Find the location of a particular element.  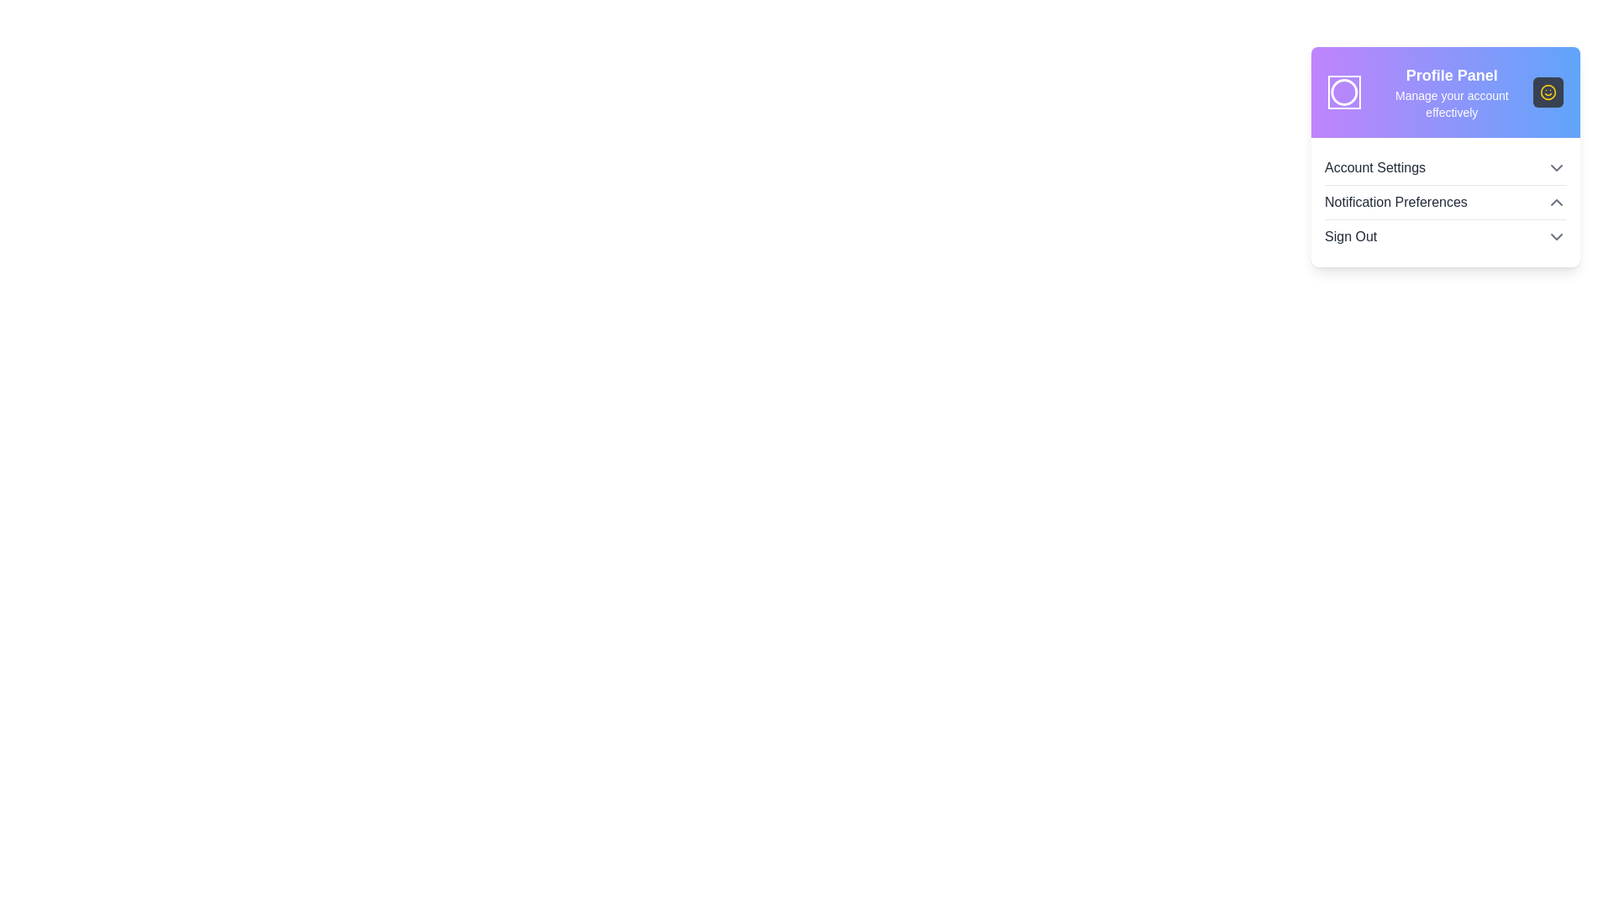

the Chevron-Down icon located to the far right of the 'Sign Out' option in the profile panel is located at coordinates (1556, 236).